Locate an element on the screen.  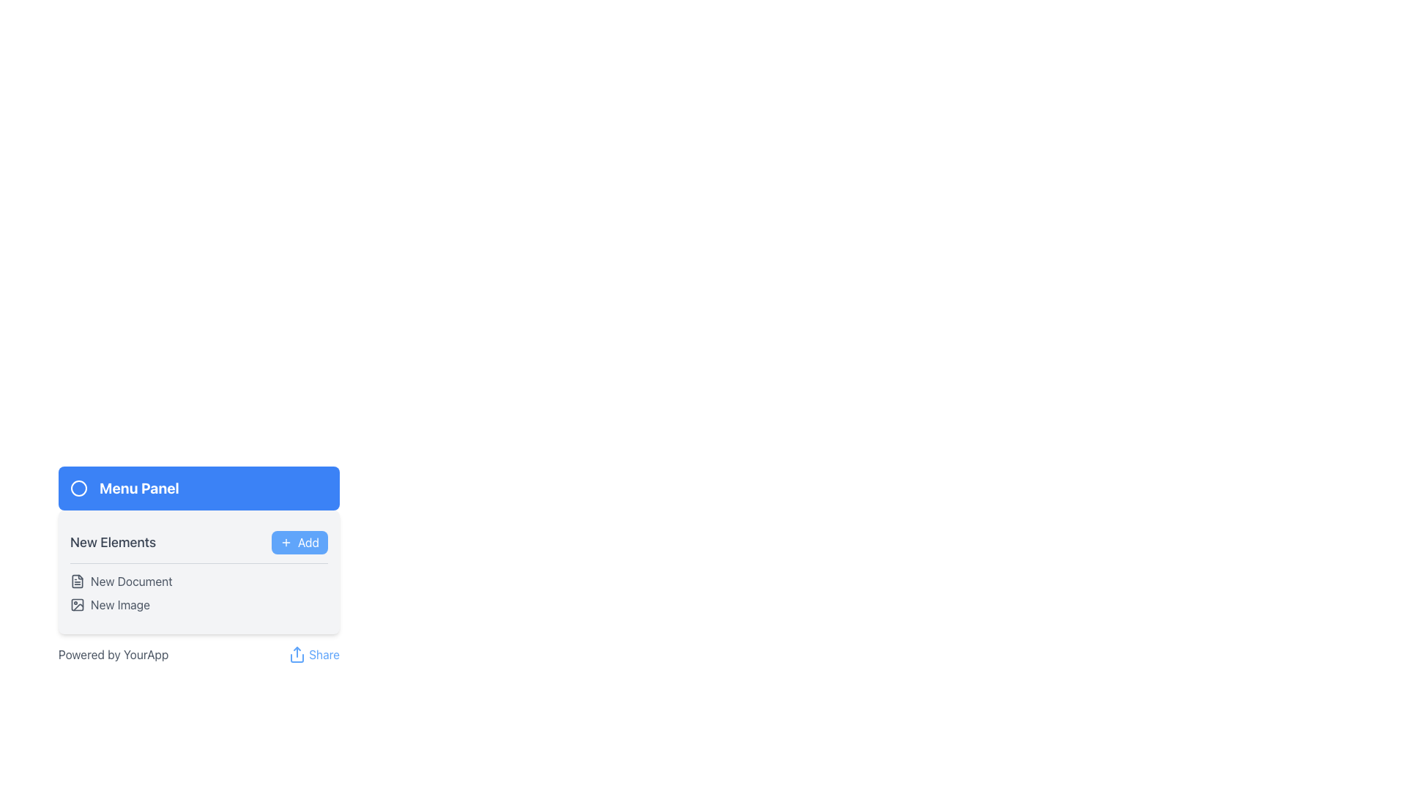
the 'New Image' button in the 'New Elements' list is located at coordinates (198, 604).